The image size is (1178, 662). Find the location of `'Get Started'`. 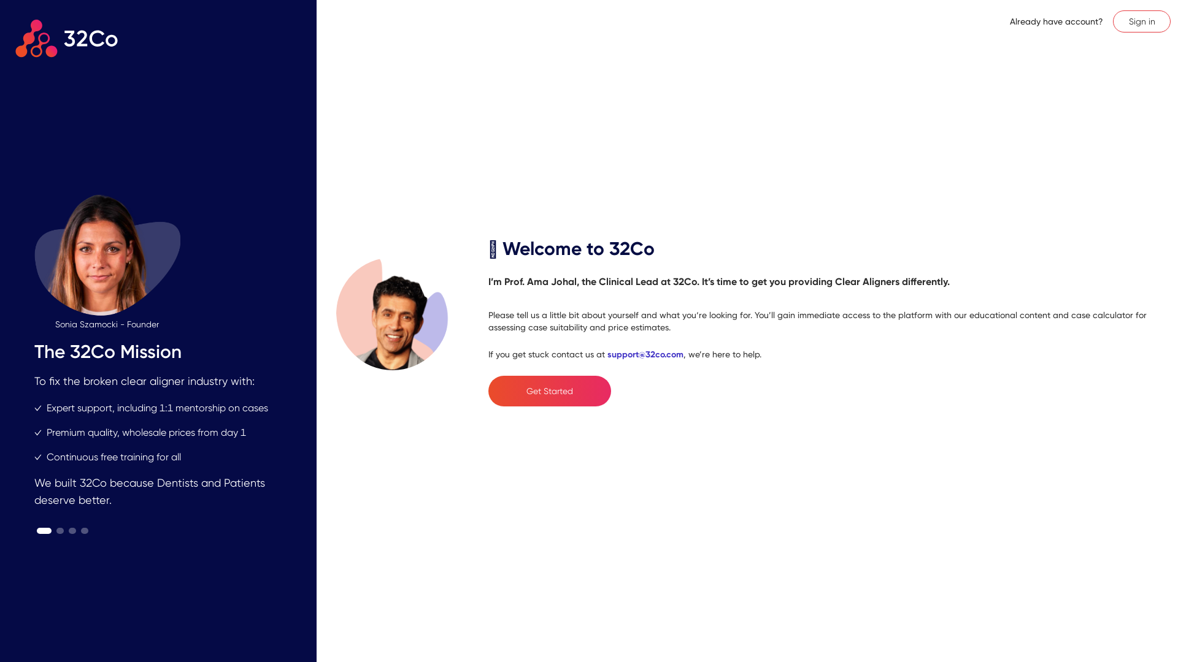

'Get Started' is located at coordinates (549, 390).